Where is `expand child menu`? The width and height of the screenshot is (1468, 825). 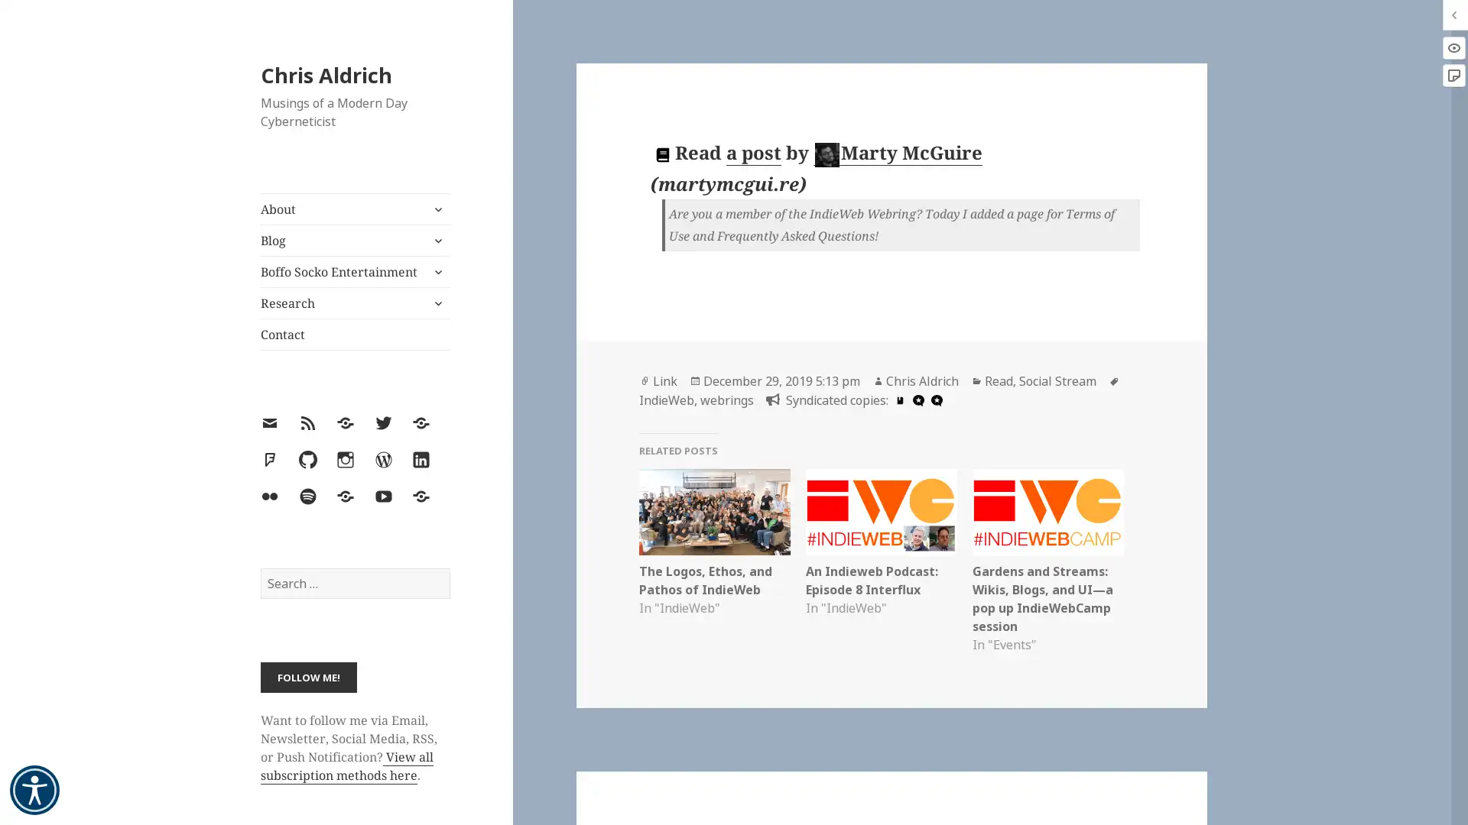
expand child menu is located at coordinates (436, 270).